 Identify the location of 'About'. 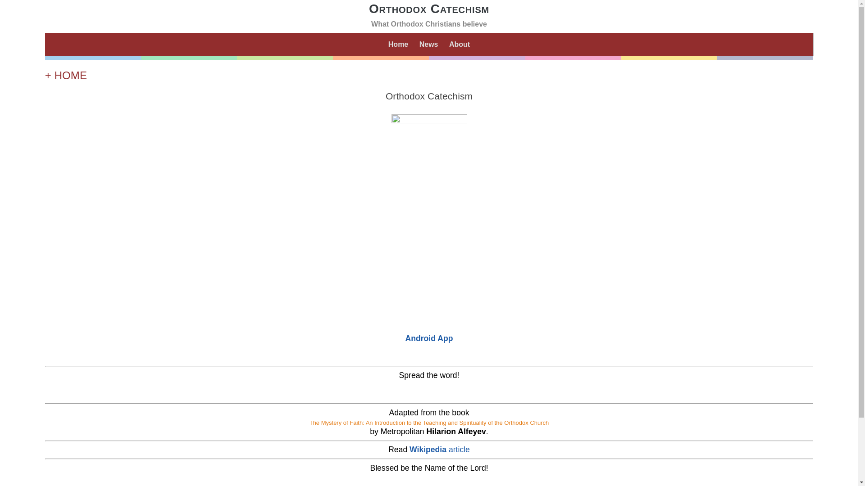
(447, 45).